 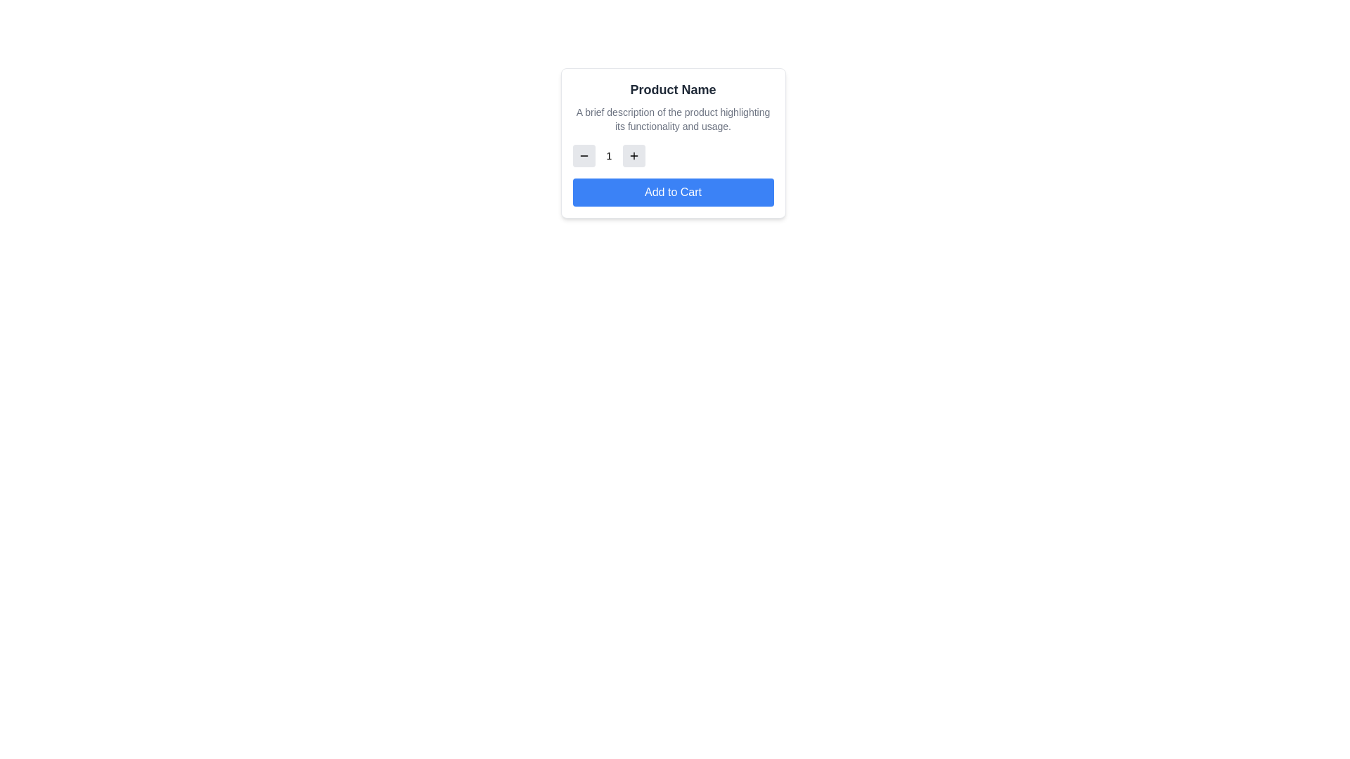 I want to click on the descriptive text element styled in small gray font located below the 'Product Name' title and above the quantity selector and 'Add to Cart' button, so click(x=672, y=118).